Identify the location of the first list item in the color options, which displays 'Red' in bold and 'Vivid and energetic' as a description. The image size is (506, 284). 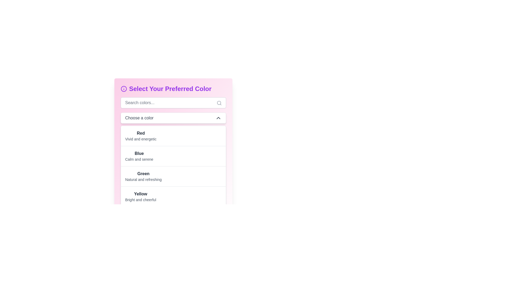
(141, 135).